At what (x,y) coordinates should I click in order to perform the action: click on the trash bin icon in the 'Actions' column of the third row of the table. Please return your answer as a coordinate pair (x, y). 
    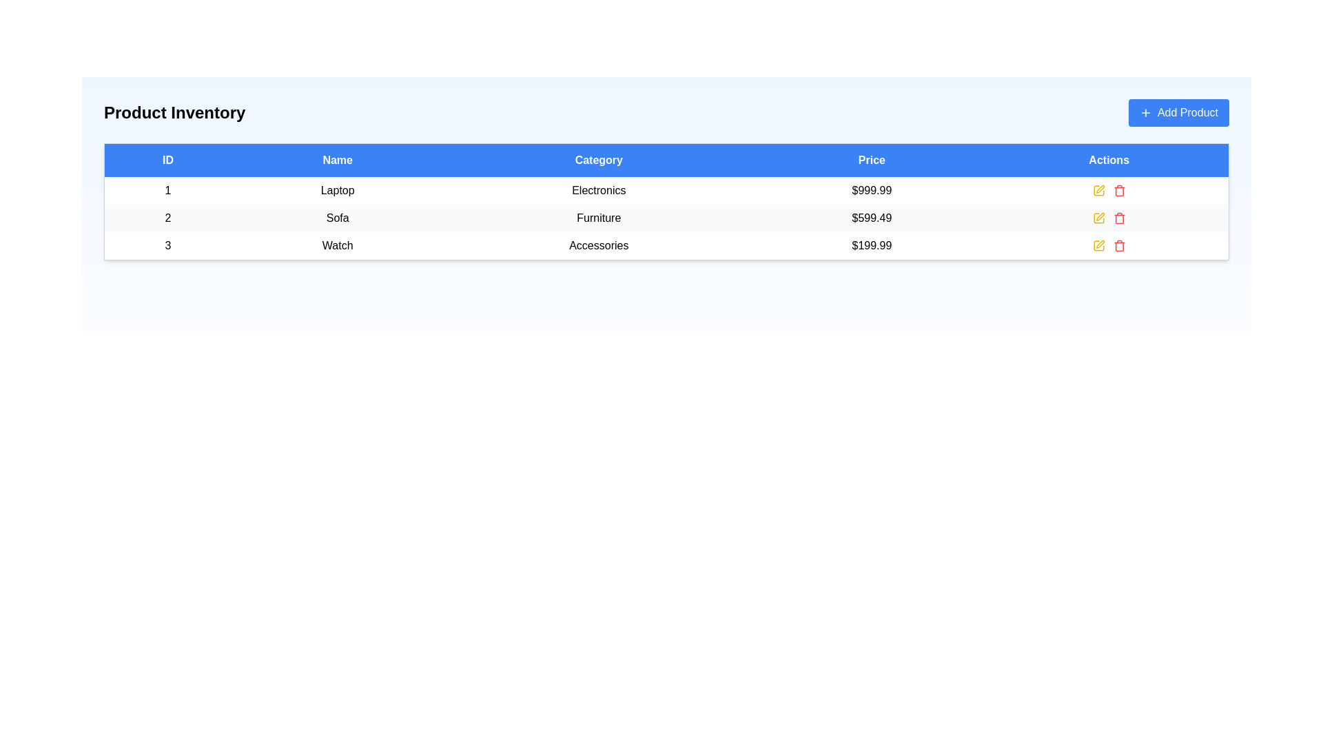
    Looking at the image, I should click on (1119, 246).